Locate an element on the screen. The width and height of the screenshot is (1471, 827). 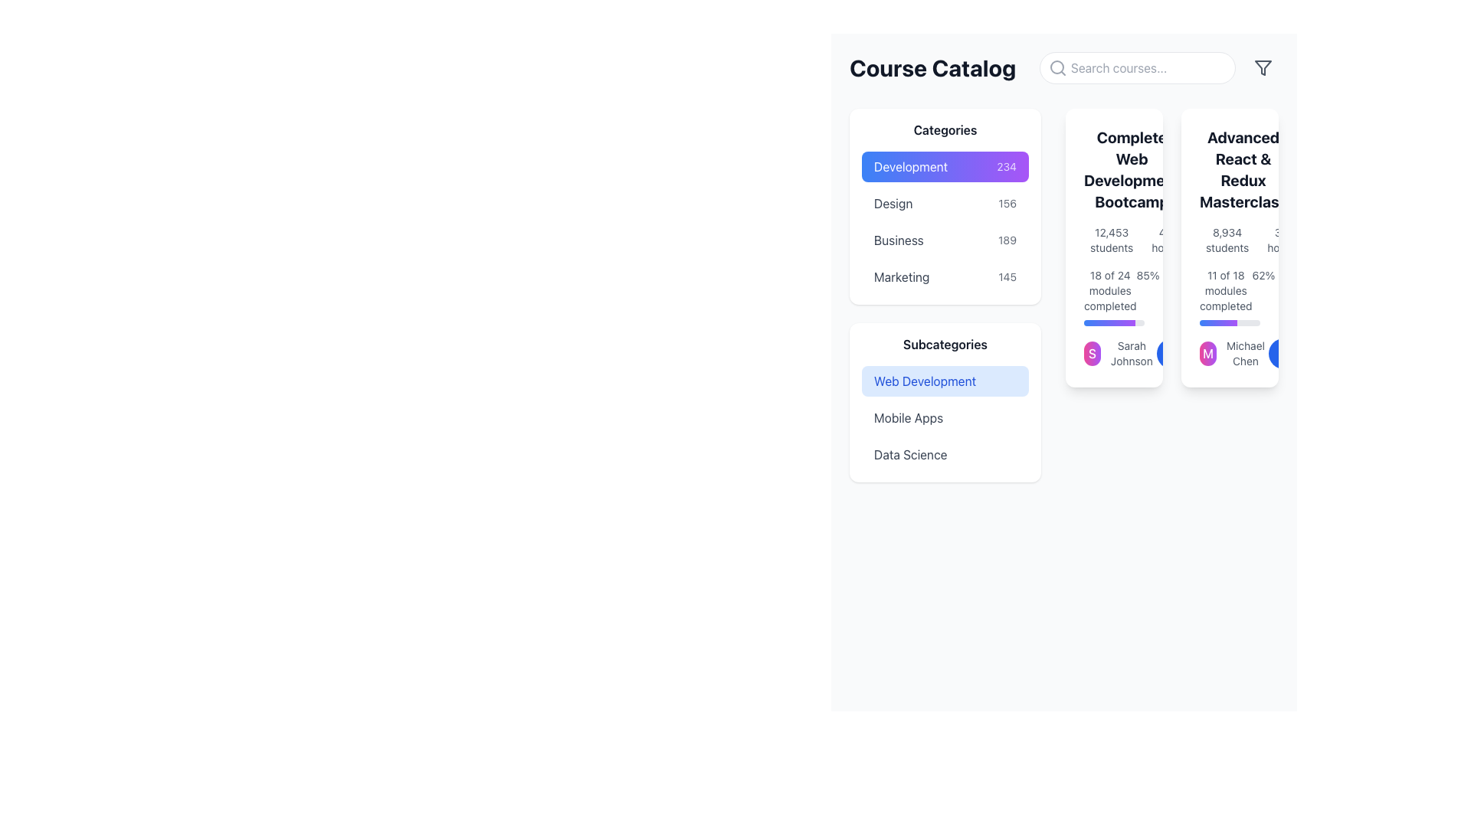
the 'Marketing' category text label located in the left panel under the 'Categories' heading, which is the fourth item in the list is located at coordinates (902, 277).